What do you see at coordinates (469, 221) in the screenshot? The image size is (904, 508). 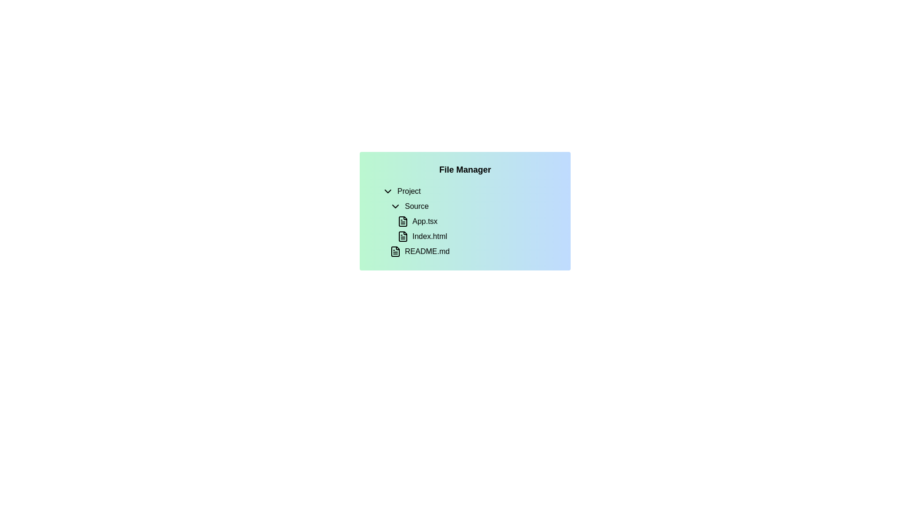 I see `on the 'App.tsx' file entry in the file explorer` at bounding box center [469, 221].